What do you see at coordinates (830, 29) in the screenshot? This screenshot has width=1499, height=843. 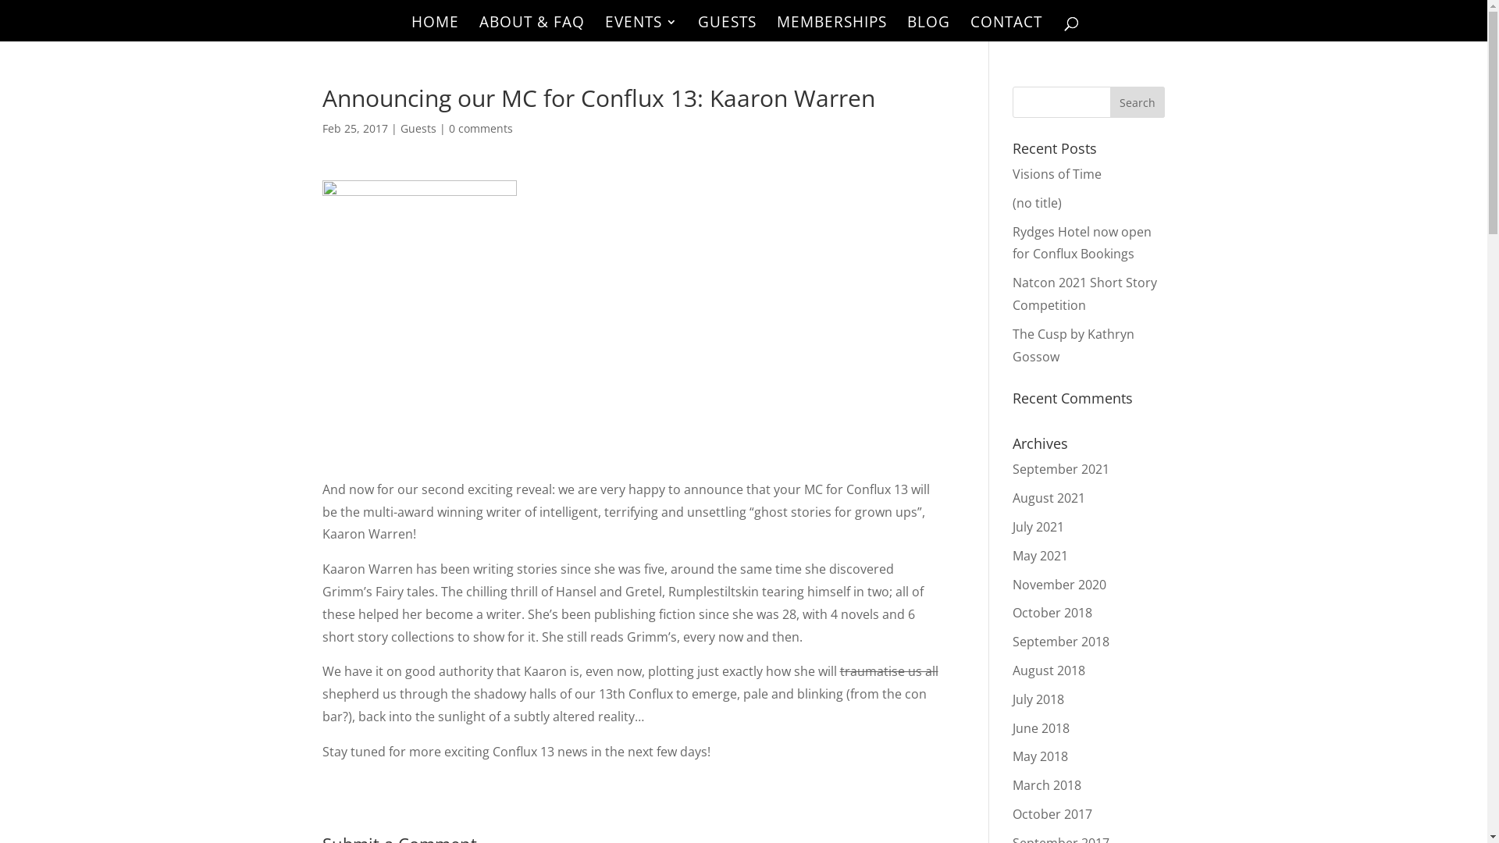 I see `'MEMBERSHIPS'` at bounding box center [830, 29].